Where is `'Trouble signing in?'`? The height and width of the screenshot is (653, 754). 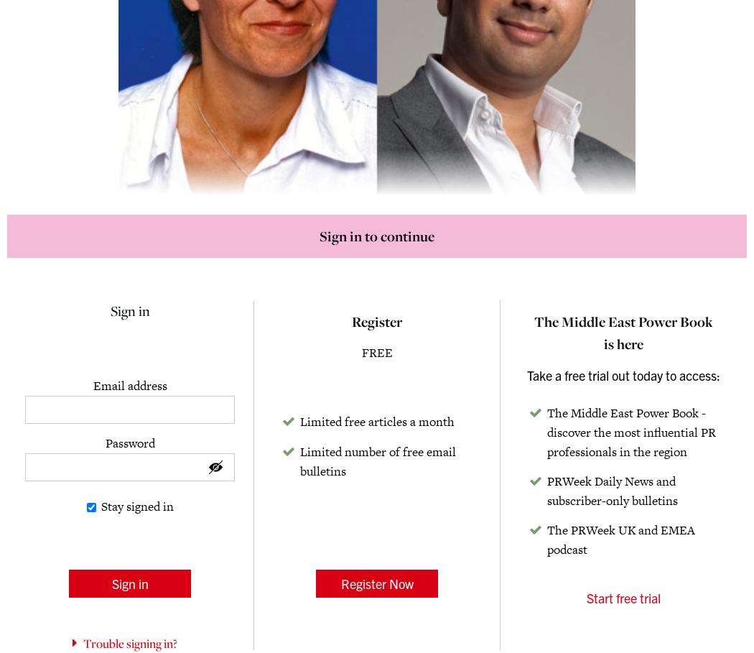
'Trouble signing in?' is located at coordinates (129, 644).